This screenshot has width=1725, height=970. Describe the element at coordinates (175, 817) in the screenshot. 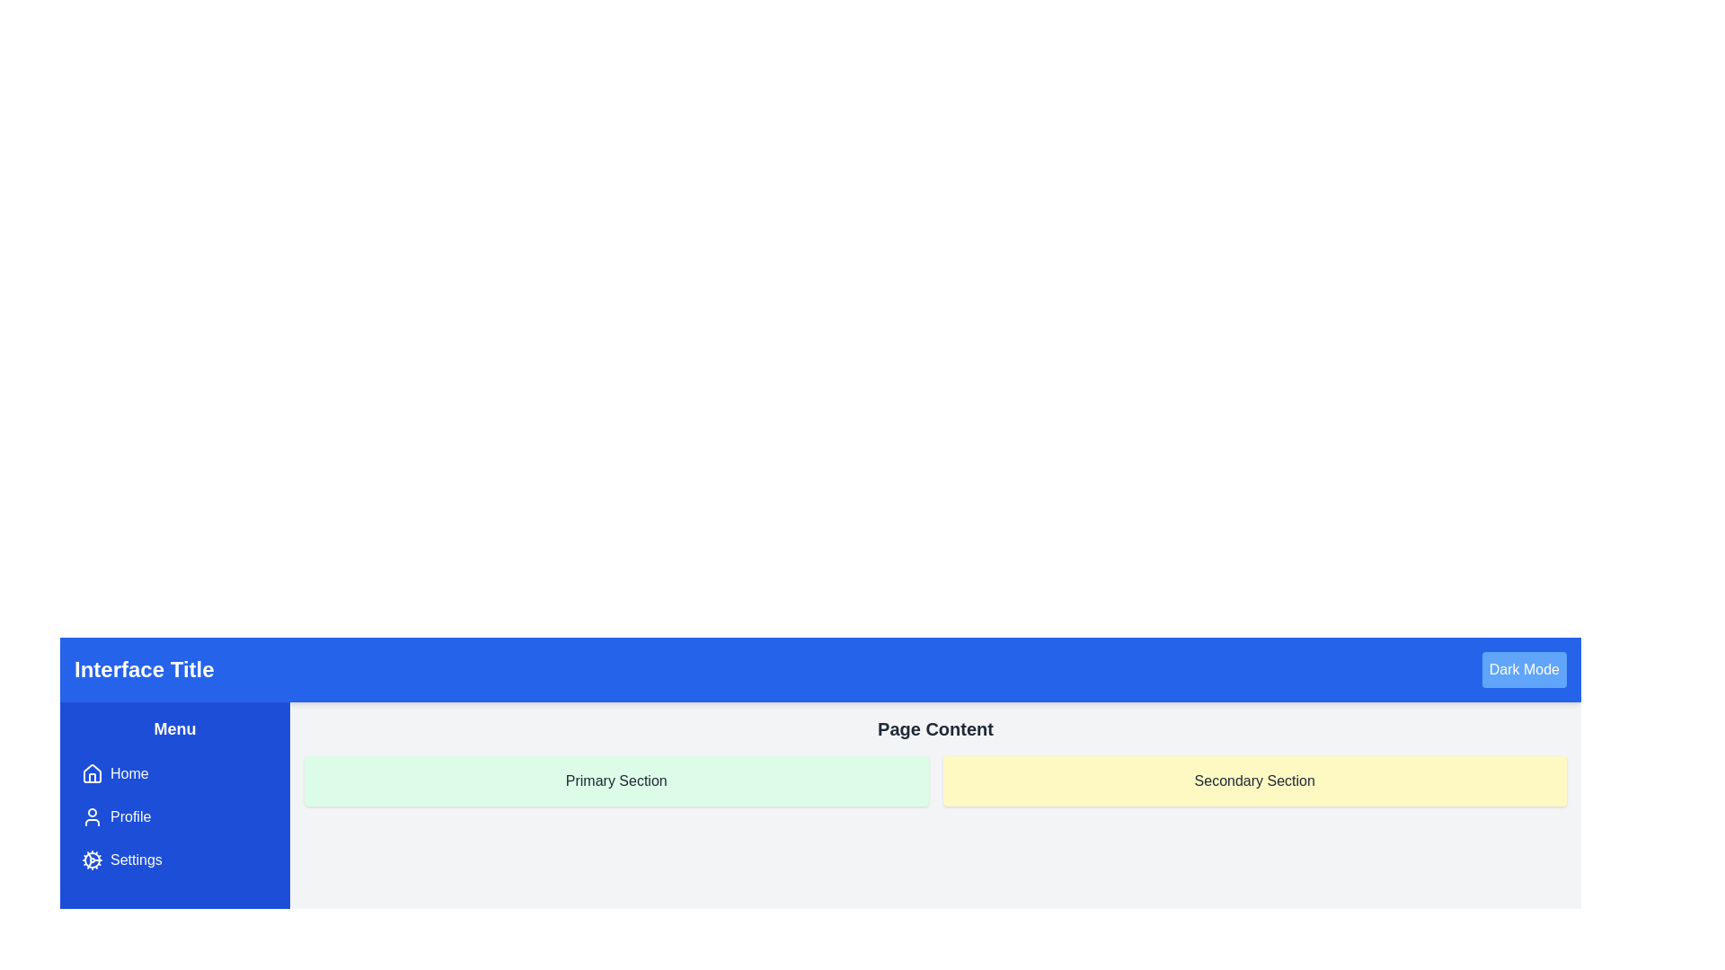

I see `the 'Profile' menu item, which is the second item in the vertical menu list on the left side of the interface, styled in white on a blue background` at that location.